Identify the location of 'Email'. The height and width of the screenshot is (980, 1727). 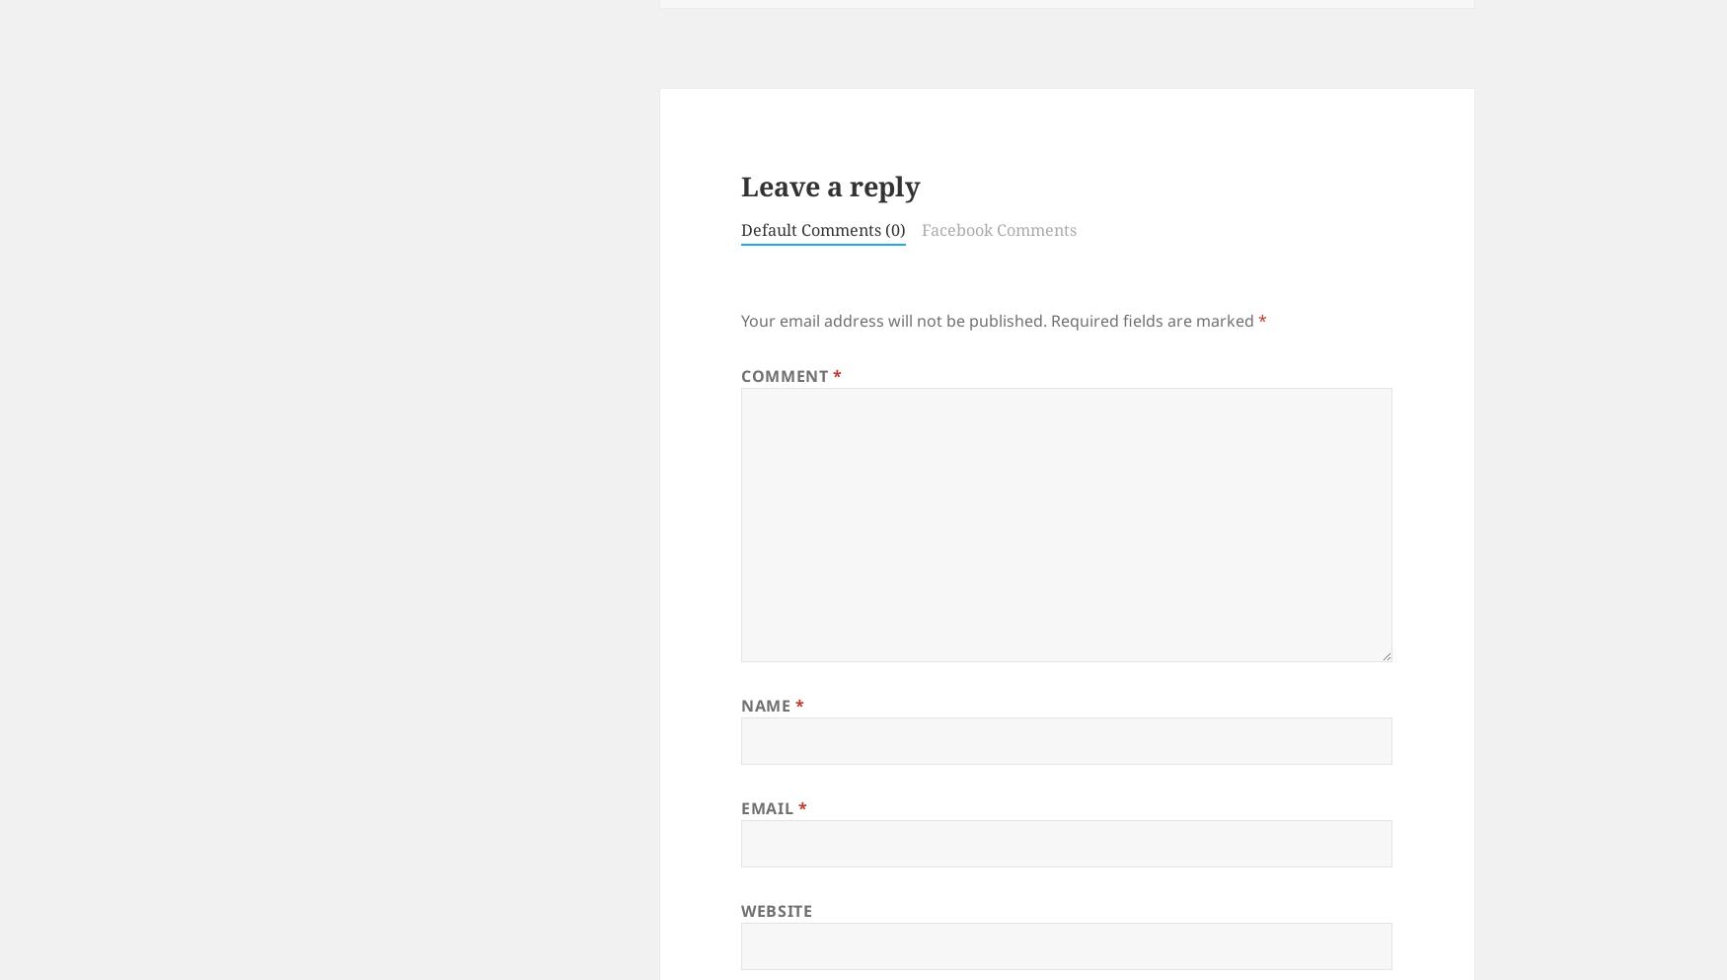
(768, 807).